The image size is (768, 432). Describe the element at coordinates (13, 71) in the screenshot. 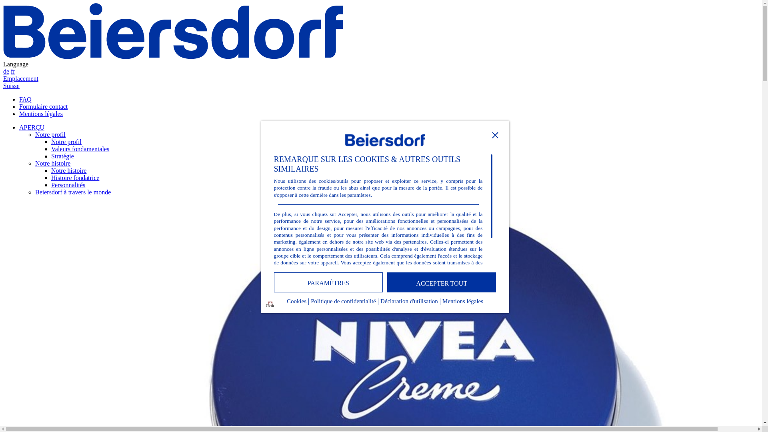

I see `'fr'` at that location.